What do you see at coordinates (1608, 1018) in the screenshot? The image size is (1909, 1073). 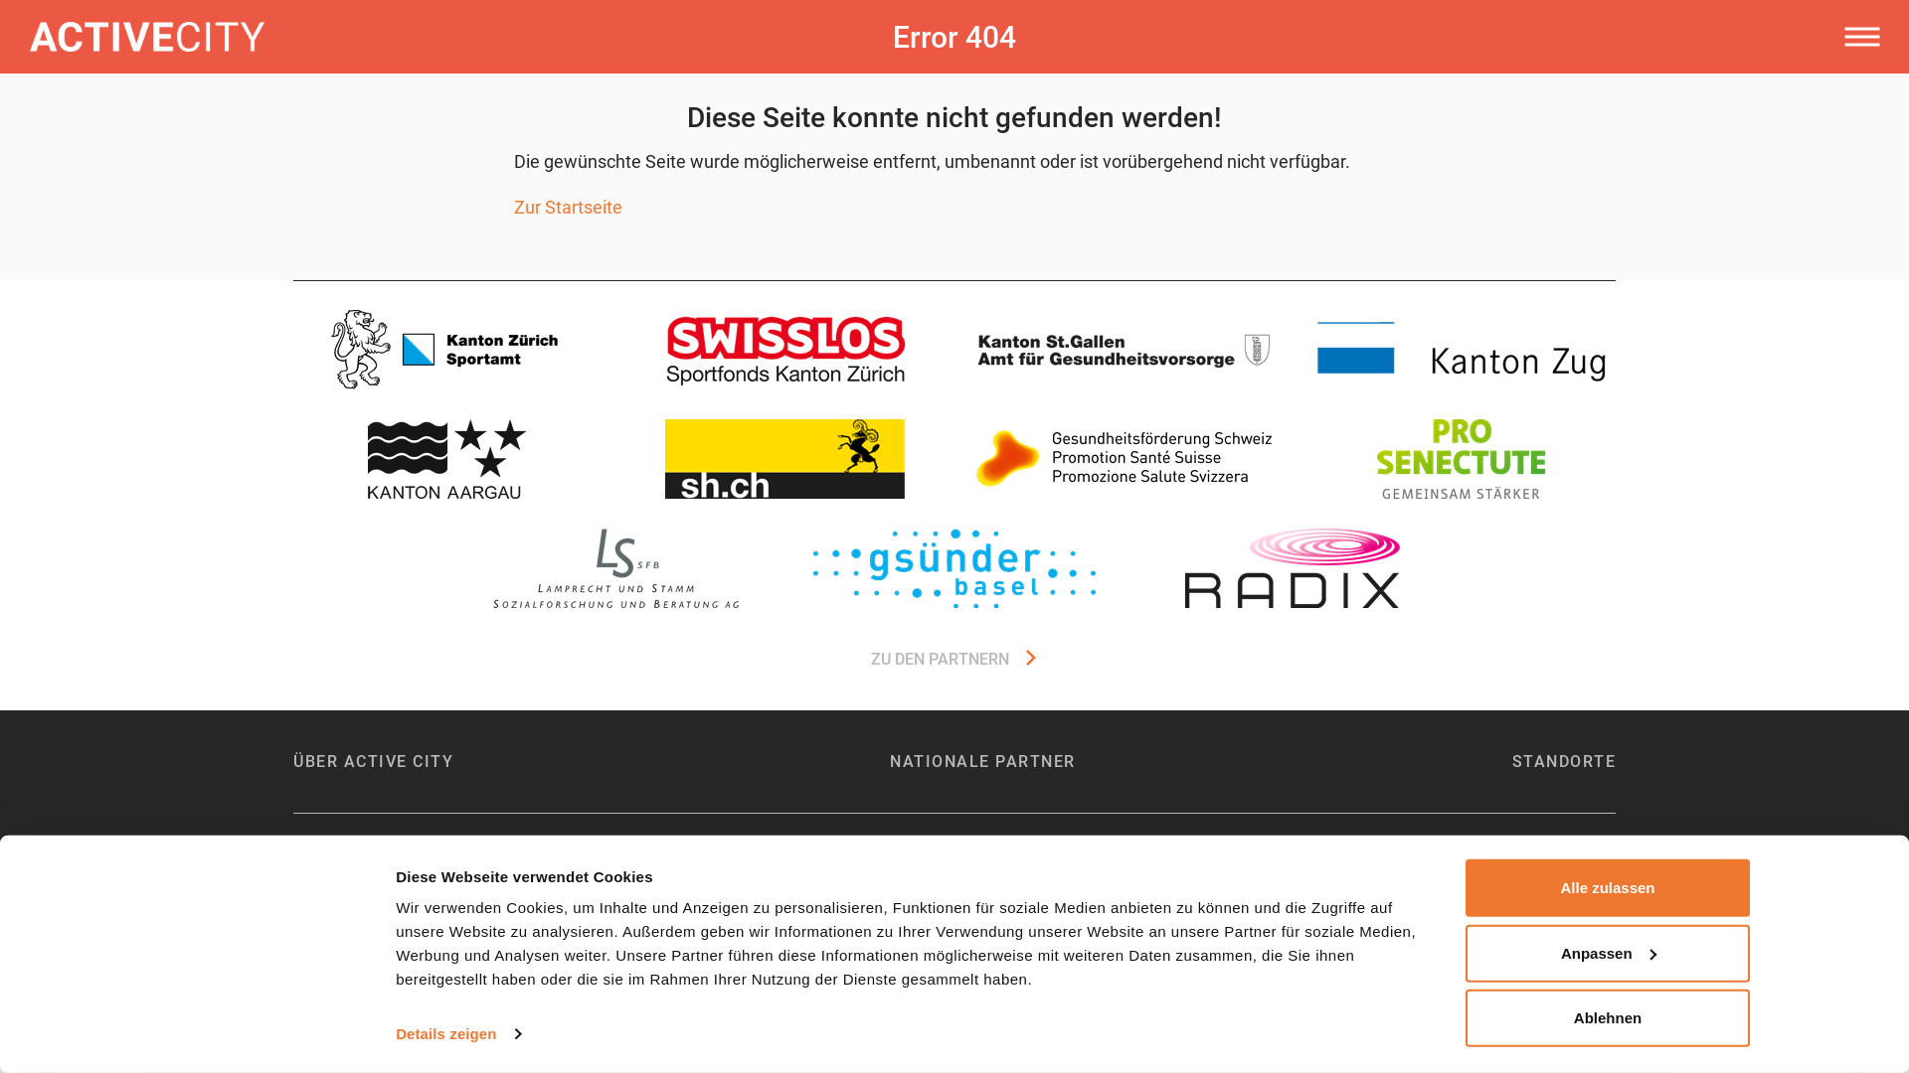 I see `'Ablehnen'` at bounding box center [1608, 1018].